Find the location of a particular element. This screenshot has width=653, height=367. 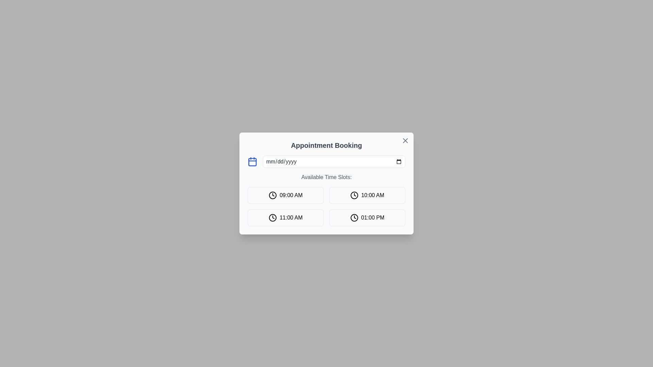

the SVG icon representing time selection functionality, located in the button widget at the bottom right of the appointment booking interface is located at coordinates (354, 217).